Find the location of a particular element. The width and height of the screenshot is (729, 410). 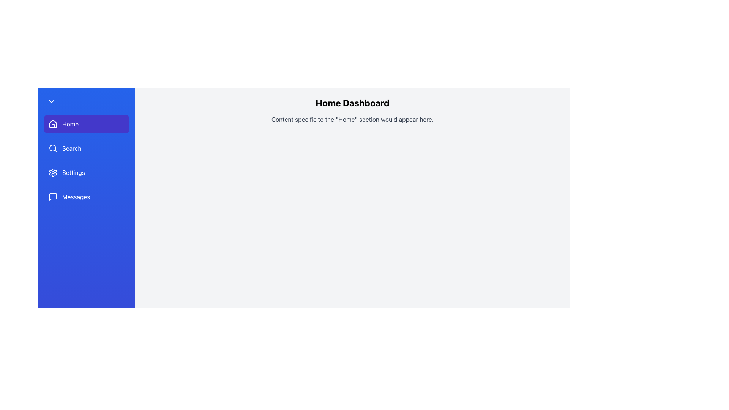

the 'Settings' button located in the vertical sidebar menu, which is the third item from the top is located at coordinates (86, 163).